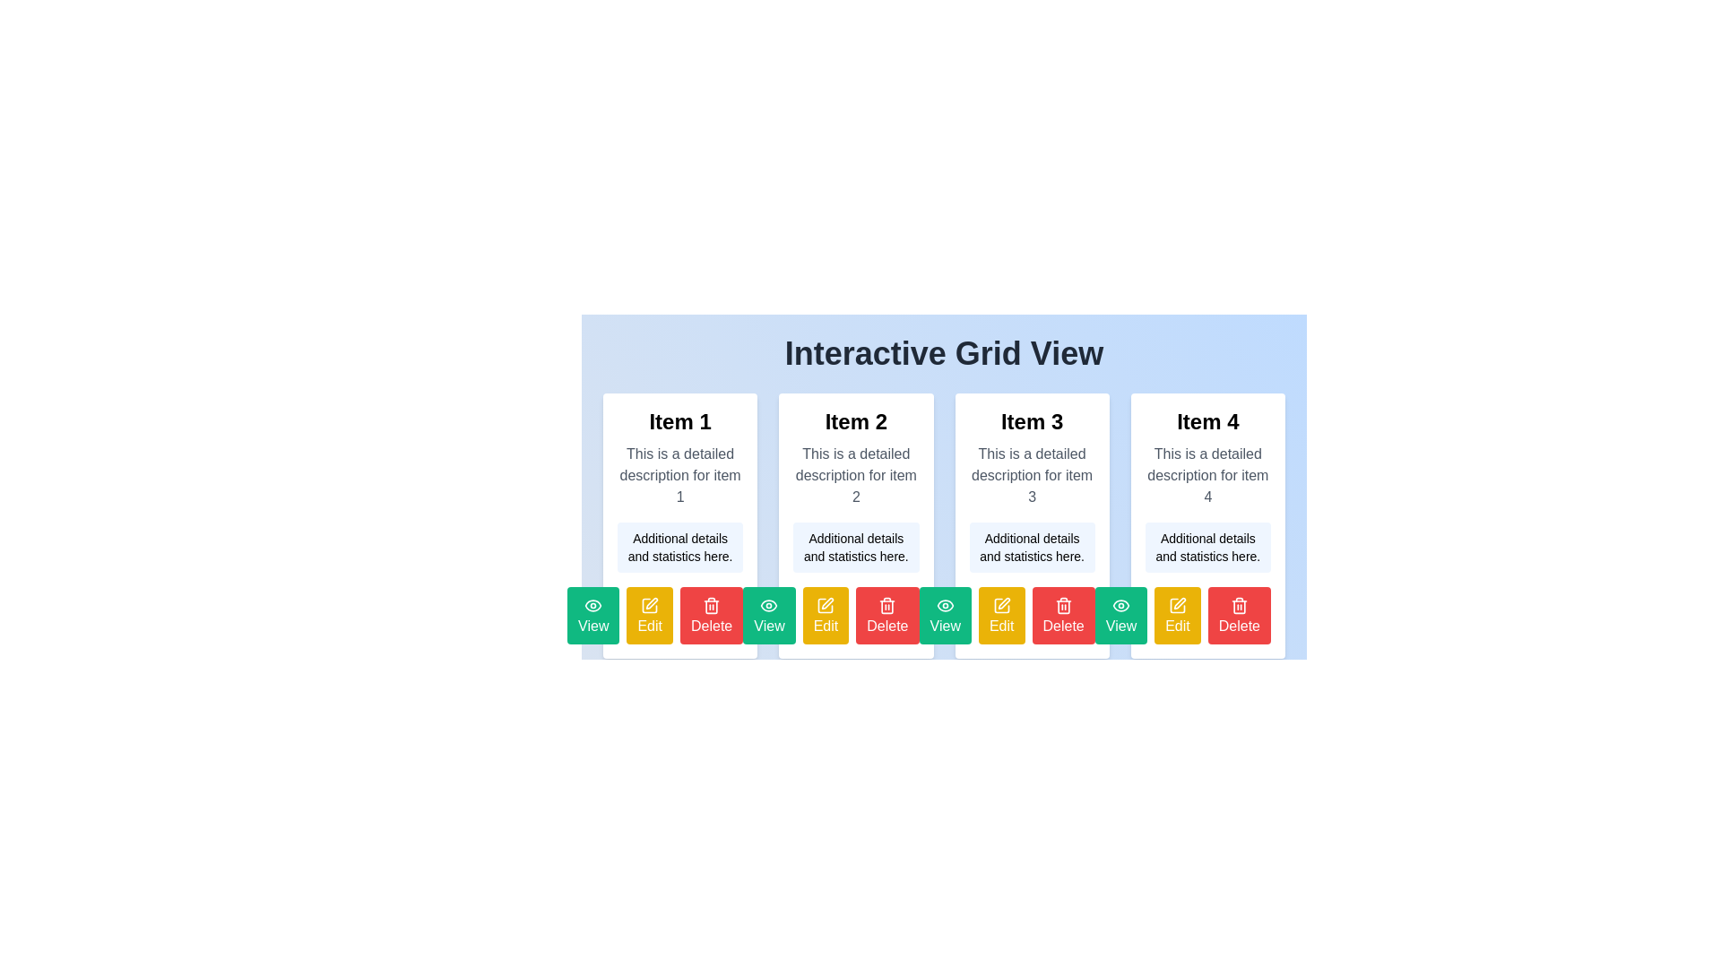 Image resolution: width=1721 pixels, height=968 pixels. I want to click on the text label displaying 'This is a detailed description for item 4', which is positioned below the title 'Item 4', so click(1207, 475).